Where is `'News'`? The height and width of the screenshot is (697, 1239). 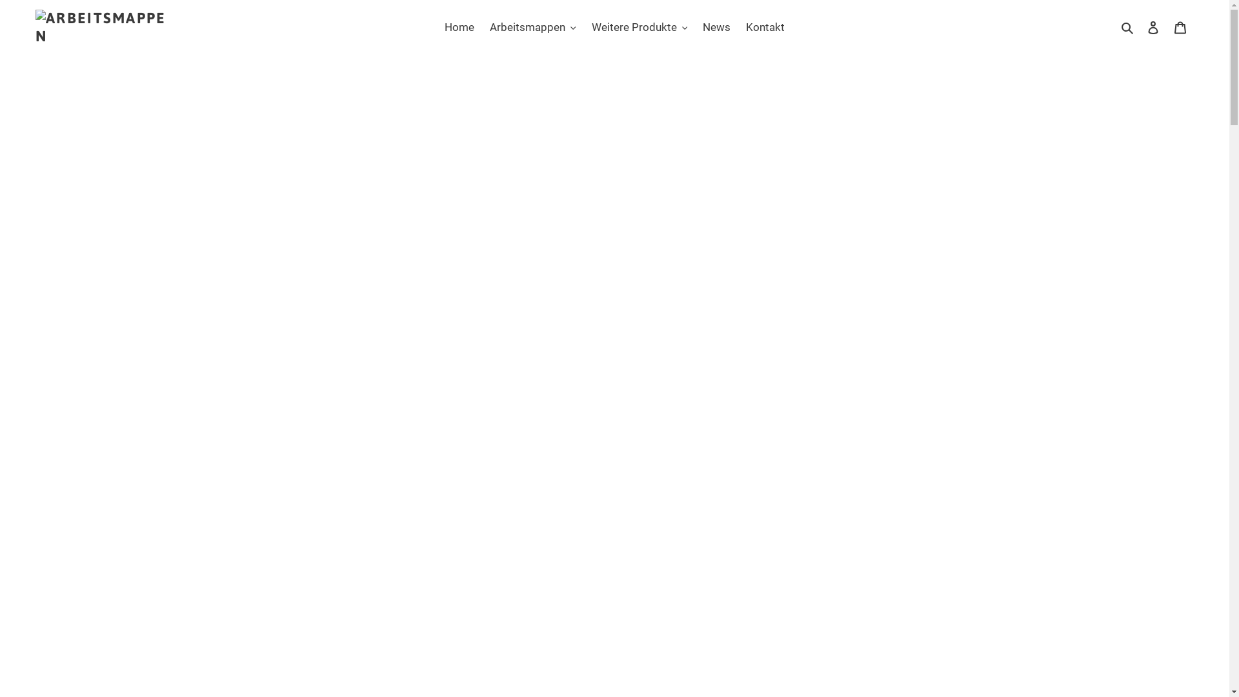
'News' is located at coordinates (716, 27).